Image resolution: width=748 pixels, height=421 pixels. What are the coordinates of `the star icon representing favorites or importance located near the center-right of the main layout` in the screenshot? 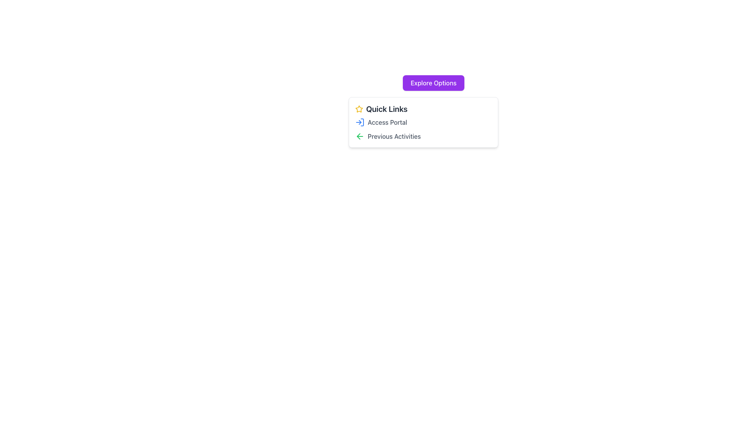 It's located at (358, 108).